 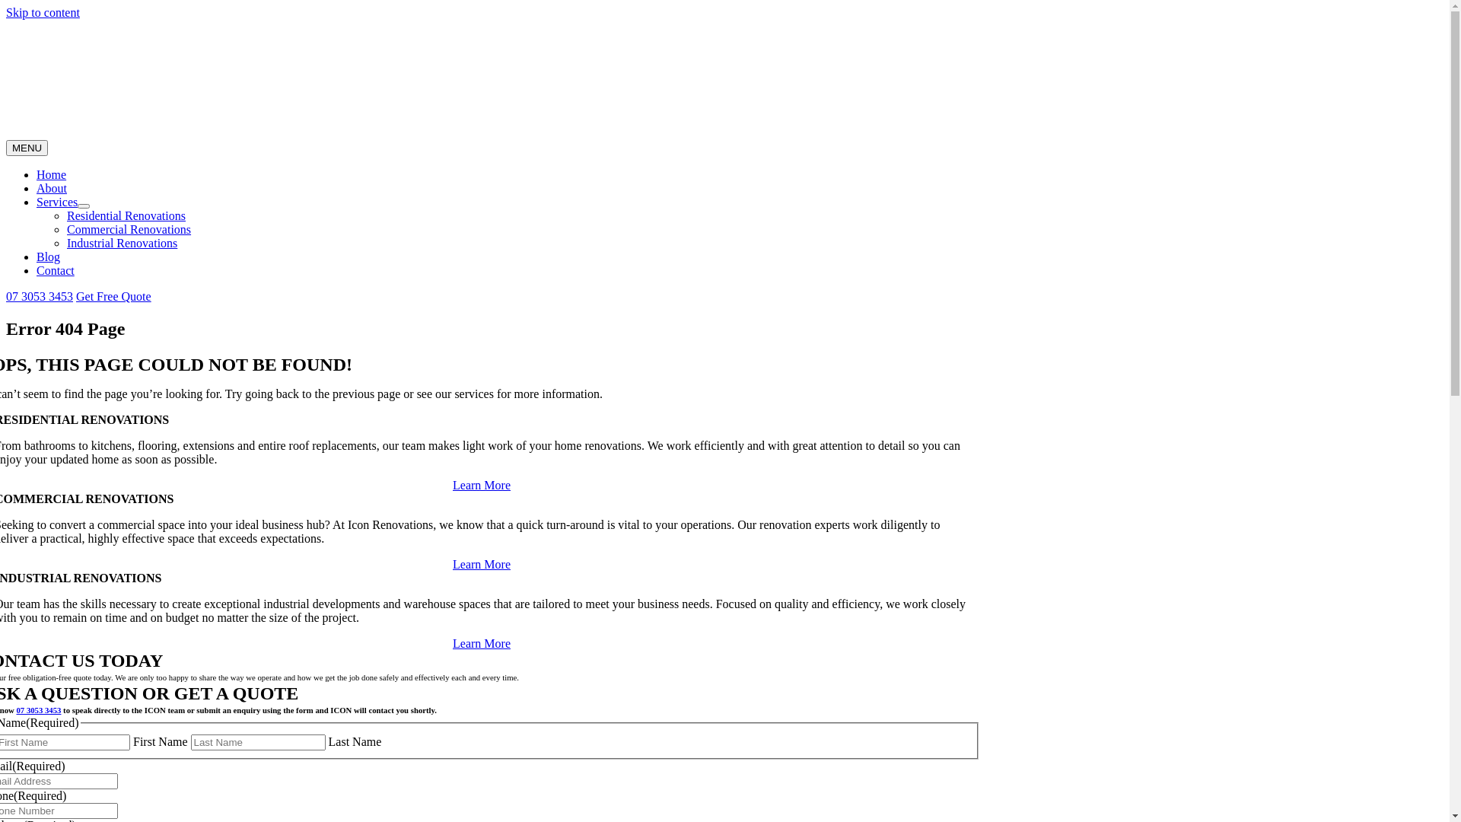 I want to click on 'Skip to content', so click(x=43, y=12).